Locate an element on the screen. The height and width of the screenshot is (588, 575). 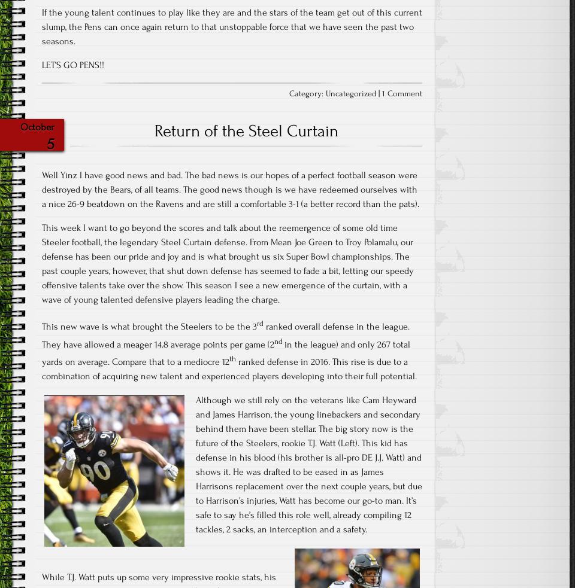
'1 Comment' is located at coordinates (382, 93).